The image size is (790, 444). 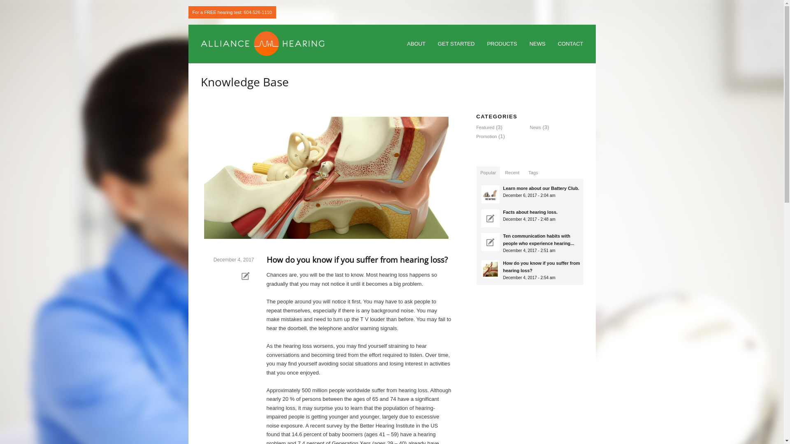 I want to click on 'ABOUT', so click(x=416, y=44).